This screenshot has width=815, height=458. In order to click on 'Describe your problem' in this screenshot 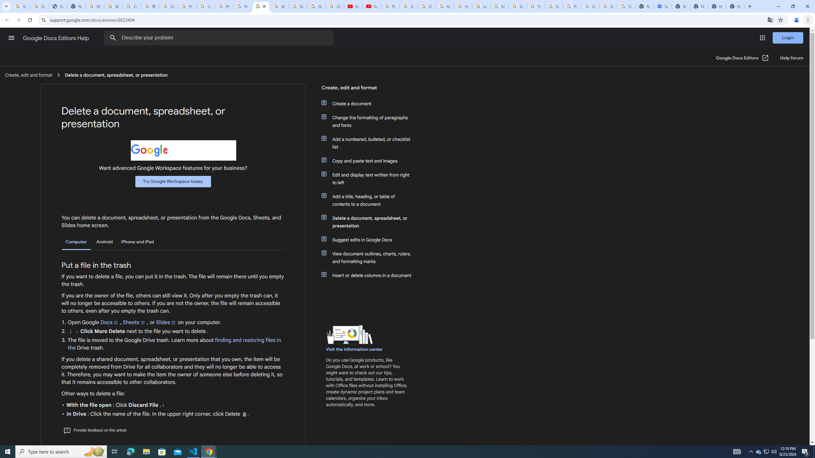, I will do `click(219, 38)`.